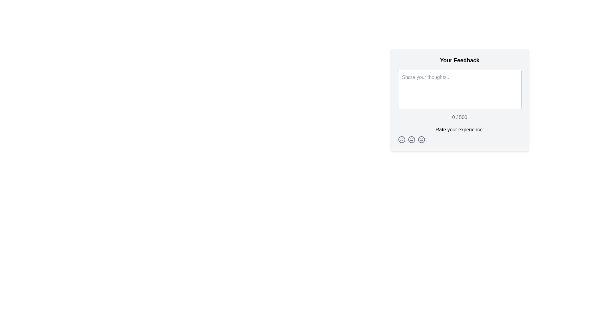  I want to click on the small textual indicator displaying '0 / 500', which is styled in gray and located directly beneath the text input box labeled 'Share your thoughts...', so click(460, 117).